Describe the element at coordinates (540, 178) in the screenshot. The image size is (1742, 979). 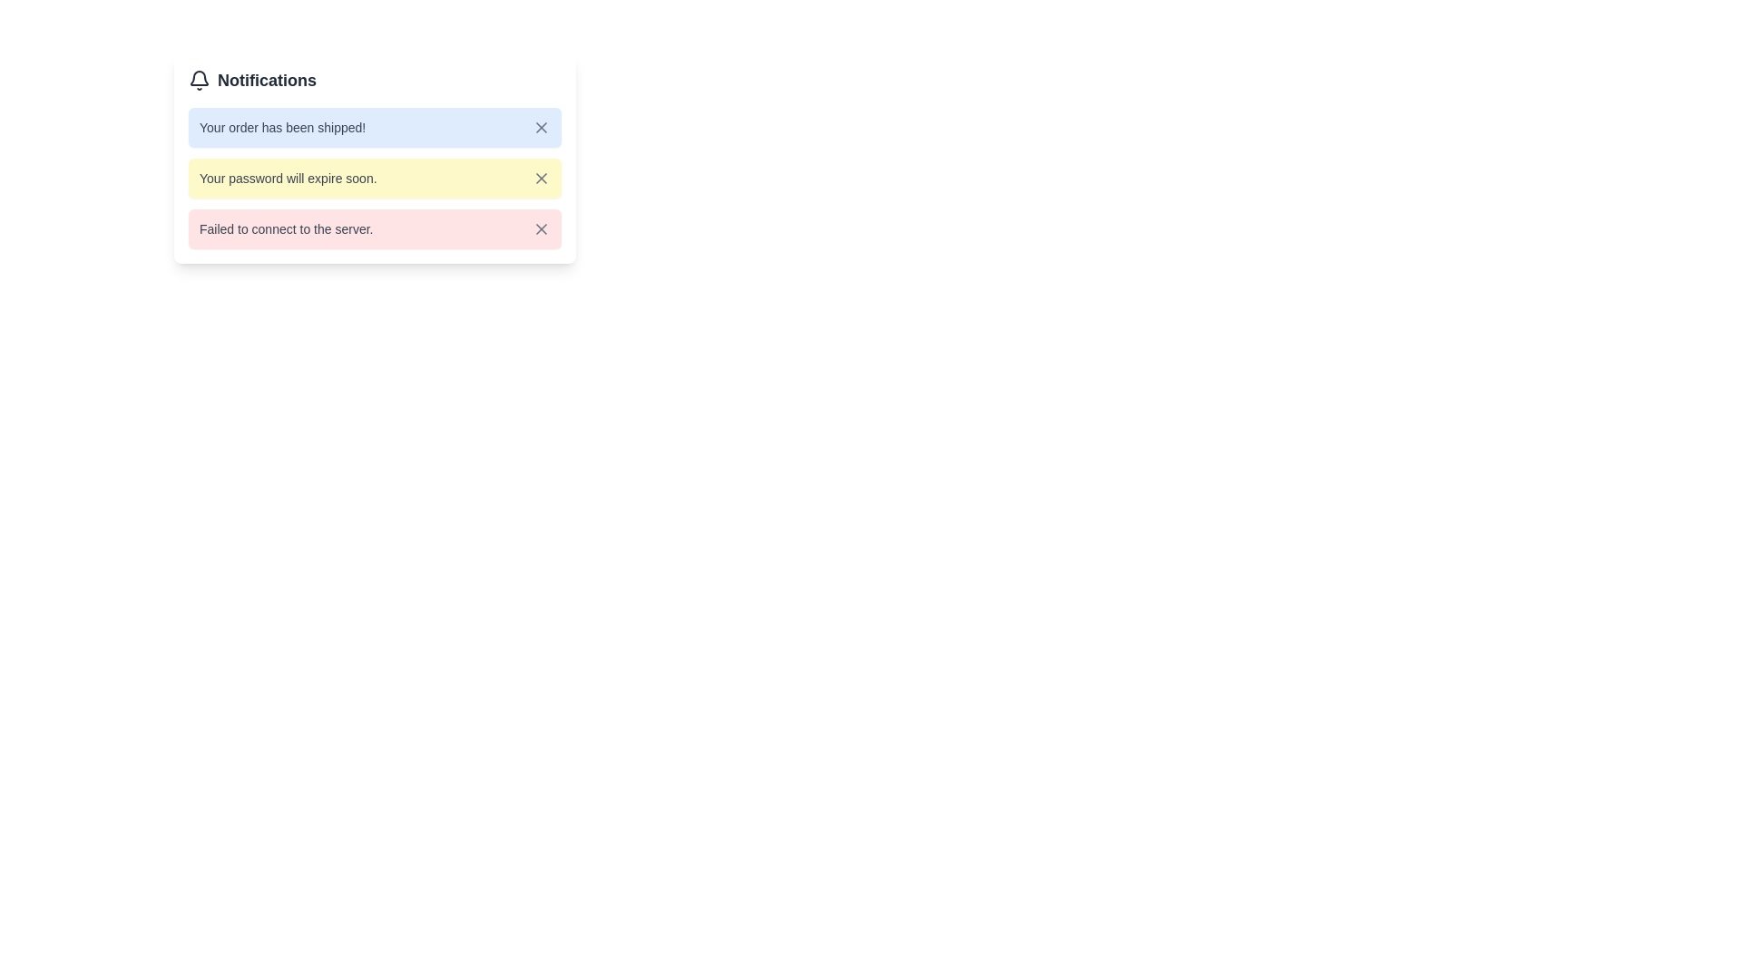
I see `the close button represented by an 'X' icon in the top-right corner of the yellow notification card that says 'Your password will expire soon.'` at that location.